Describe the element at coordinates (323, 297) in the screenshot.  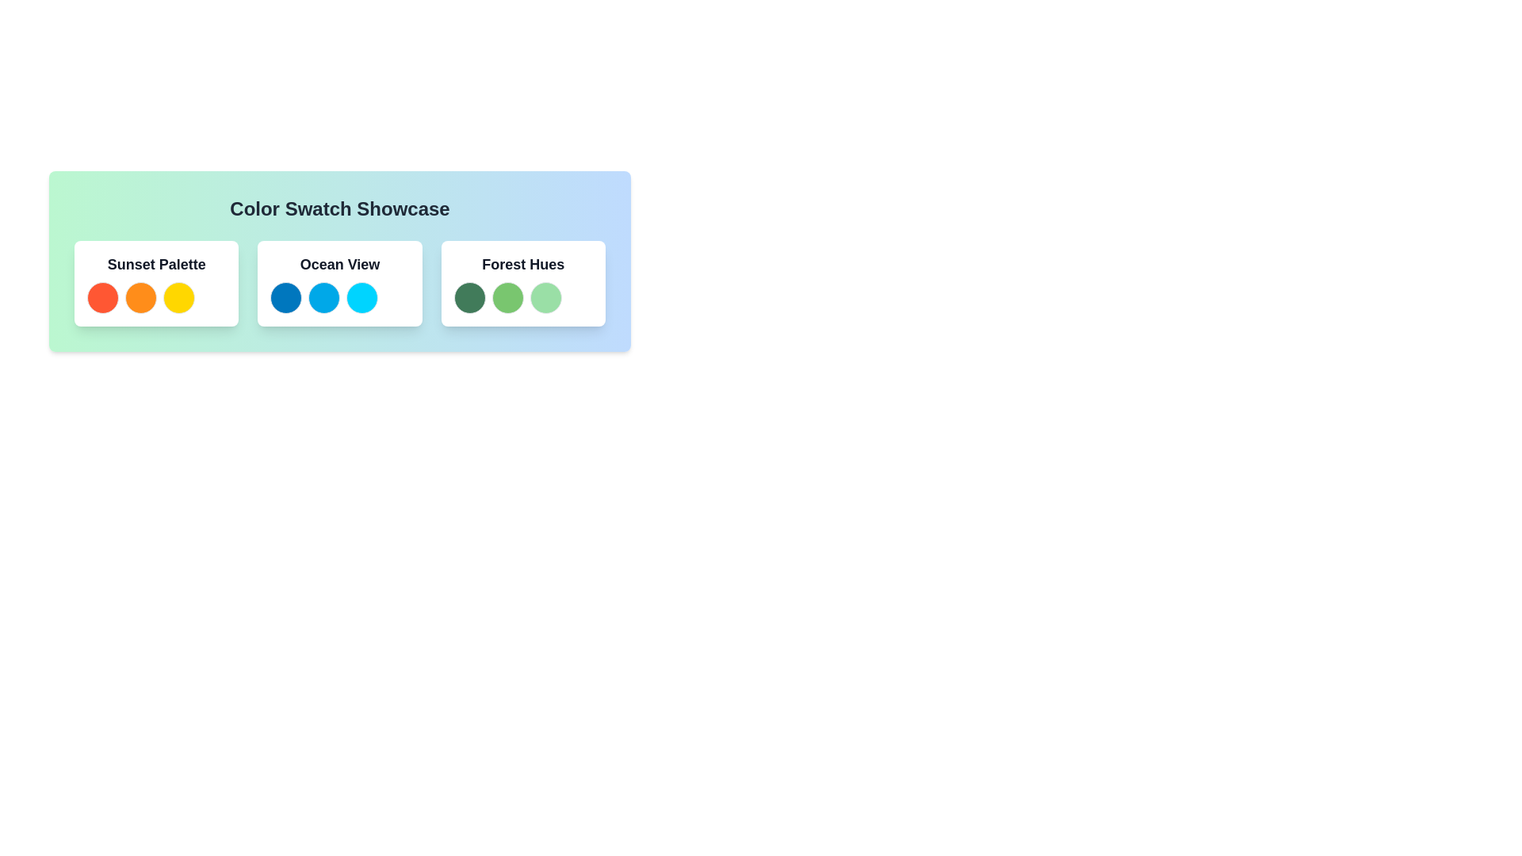
I see `the vibrant blue circular color swatch located in the 'Ocean View' section` at that location.